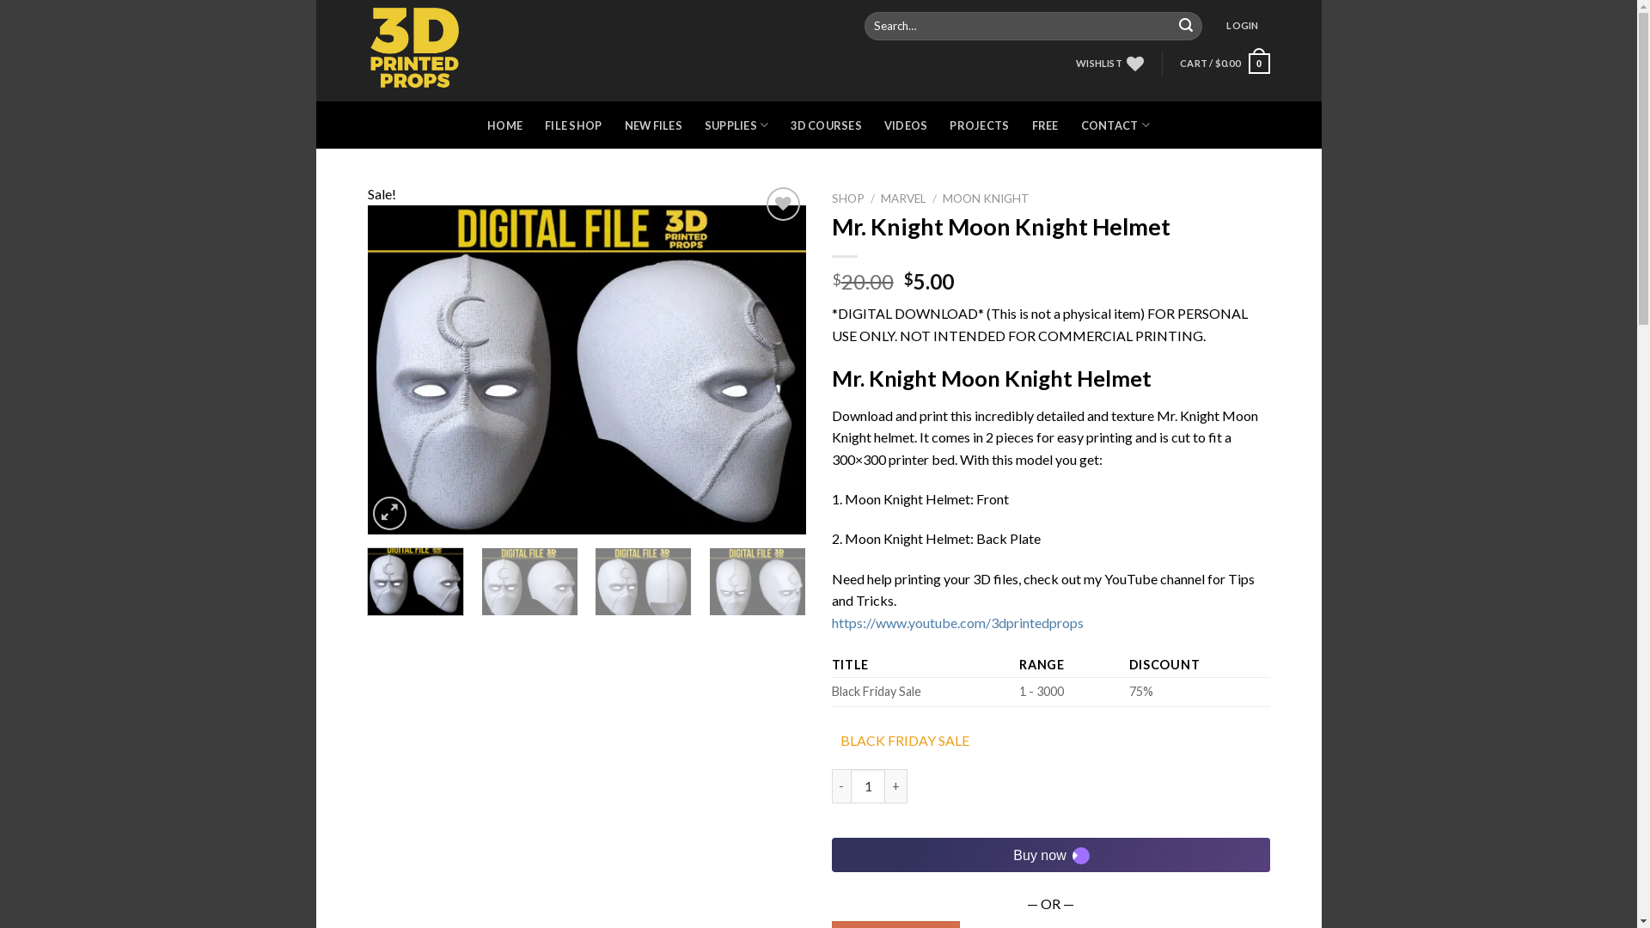 The width and height of the screenshot is (1650, 928). I want to click on 'Search', so click(1185, 26).